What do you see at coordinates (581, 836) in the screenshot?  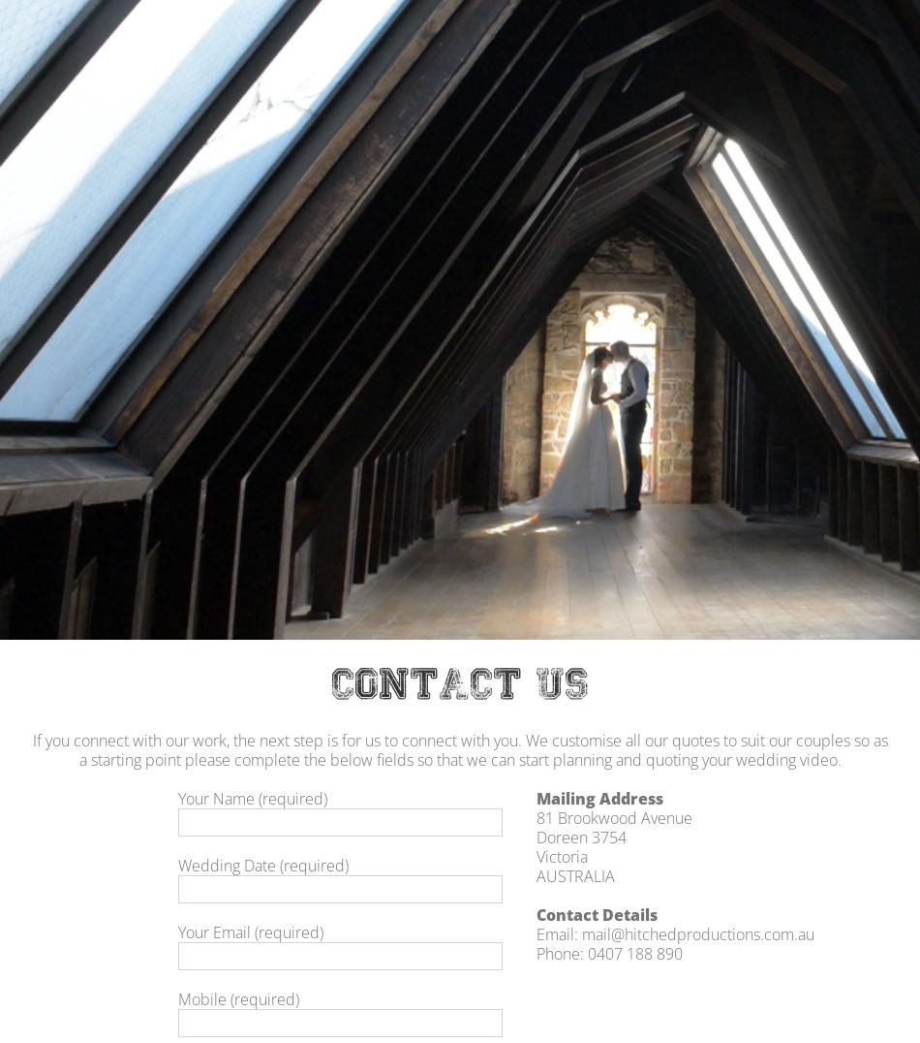 I see `'Doreen 3754'` at bounding box center [581, 836].